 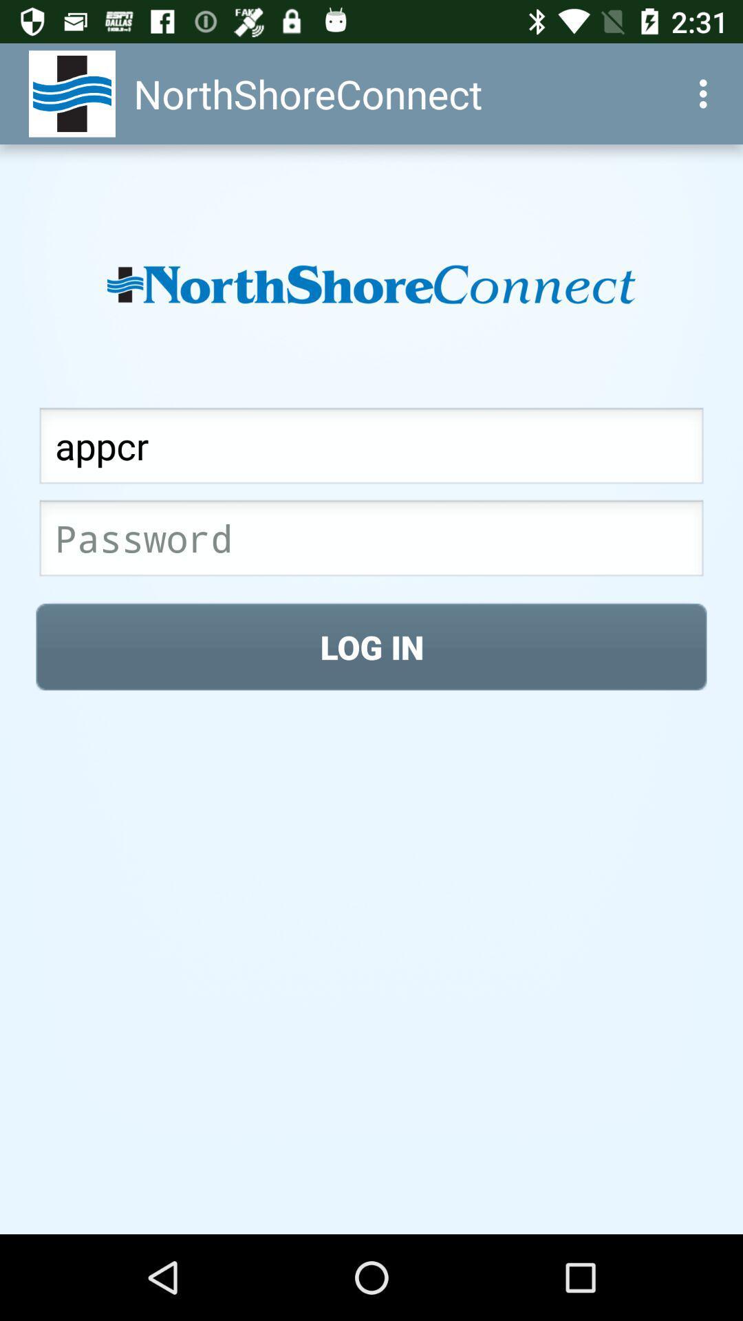 What do you see at coordinates (371, 541) in the screenshot?
I see `icon above the log in icon` at bounding box center [371, 541].